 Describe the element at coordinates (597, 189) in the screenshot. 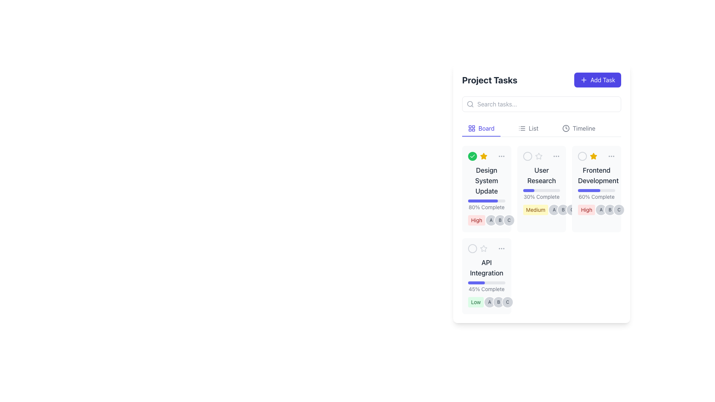

I see `the Task summary card located` at that location.